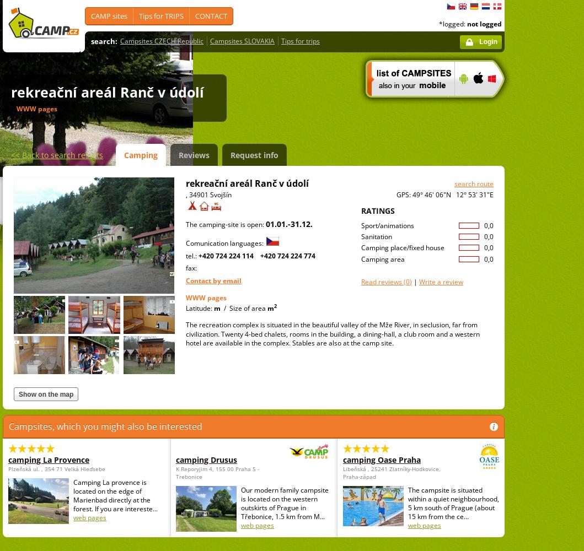  Describe the element at coordinates (224, 307) in the screenshot. I see `'/'` at that location.